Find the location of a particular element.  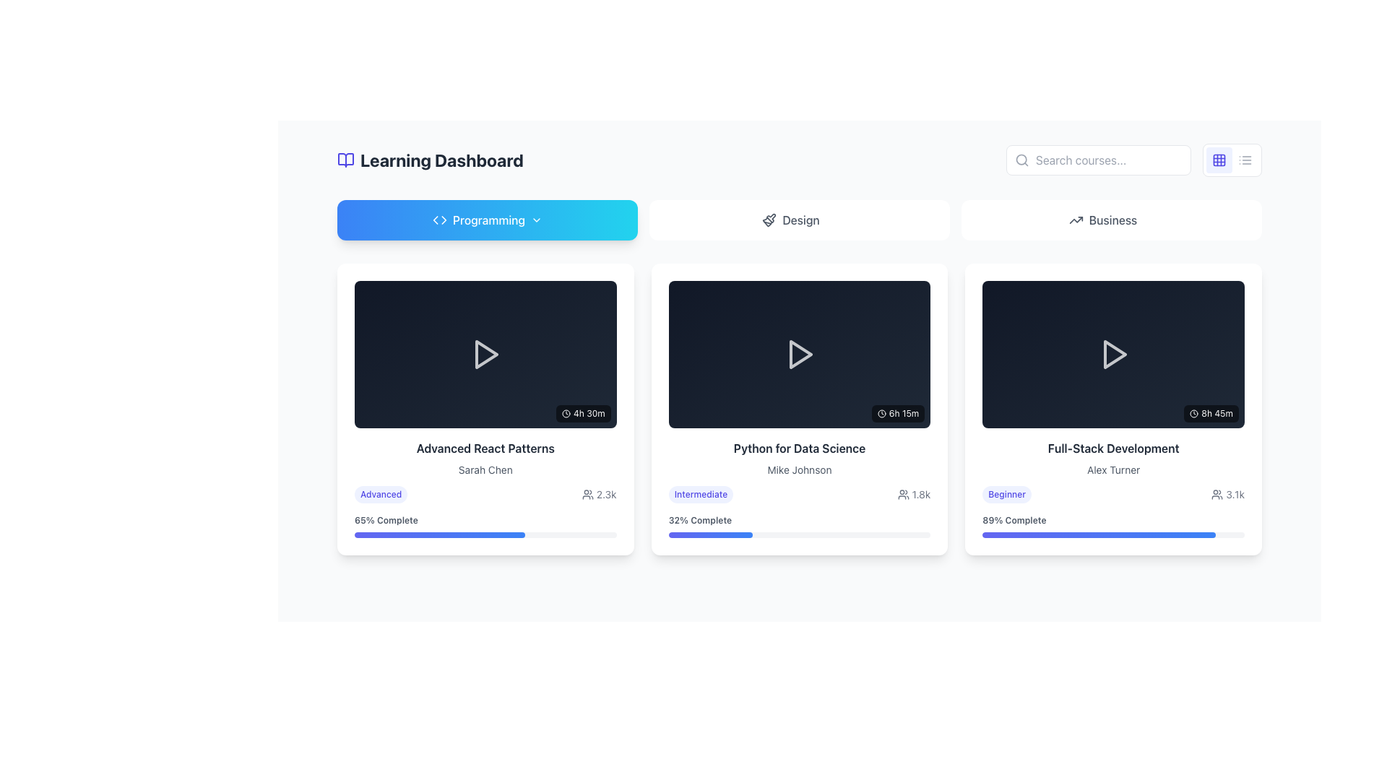

the text label displaying the progress status '89% Complete' which is styled in a small gray bold font and located near the bottom of the card labeled 'Full-Stack Development' is located at coordinates (1014, 521).